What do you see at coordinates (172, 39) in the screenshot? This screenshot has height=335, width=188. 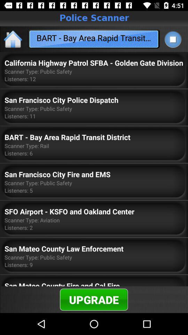 I see `pause toggle` at bounding box center [172, 39].